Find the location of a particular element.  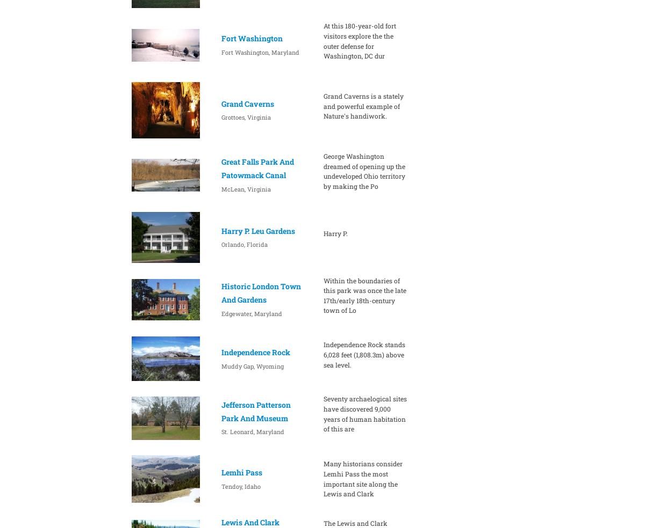

'George Washington dreamed of opening up the undeveloped Ohio territory by making the Po' is located at coordinates (322, 170).